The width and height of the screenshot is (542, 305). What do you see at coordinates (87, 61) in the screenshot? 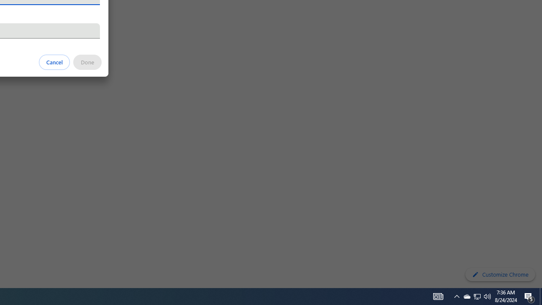
I see `'Done'` at bounding box center [87, 61].